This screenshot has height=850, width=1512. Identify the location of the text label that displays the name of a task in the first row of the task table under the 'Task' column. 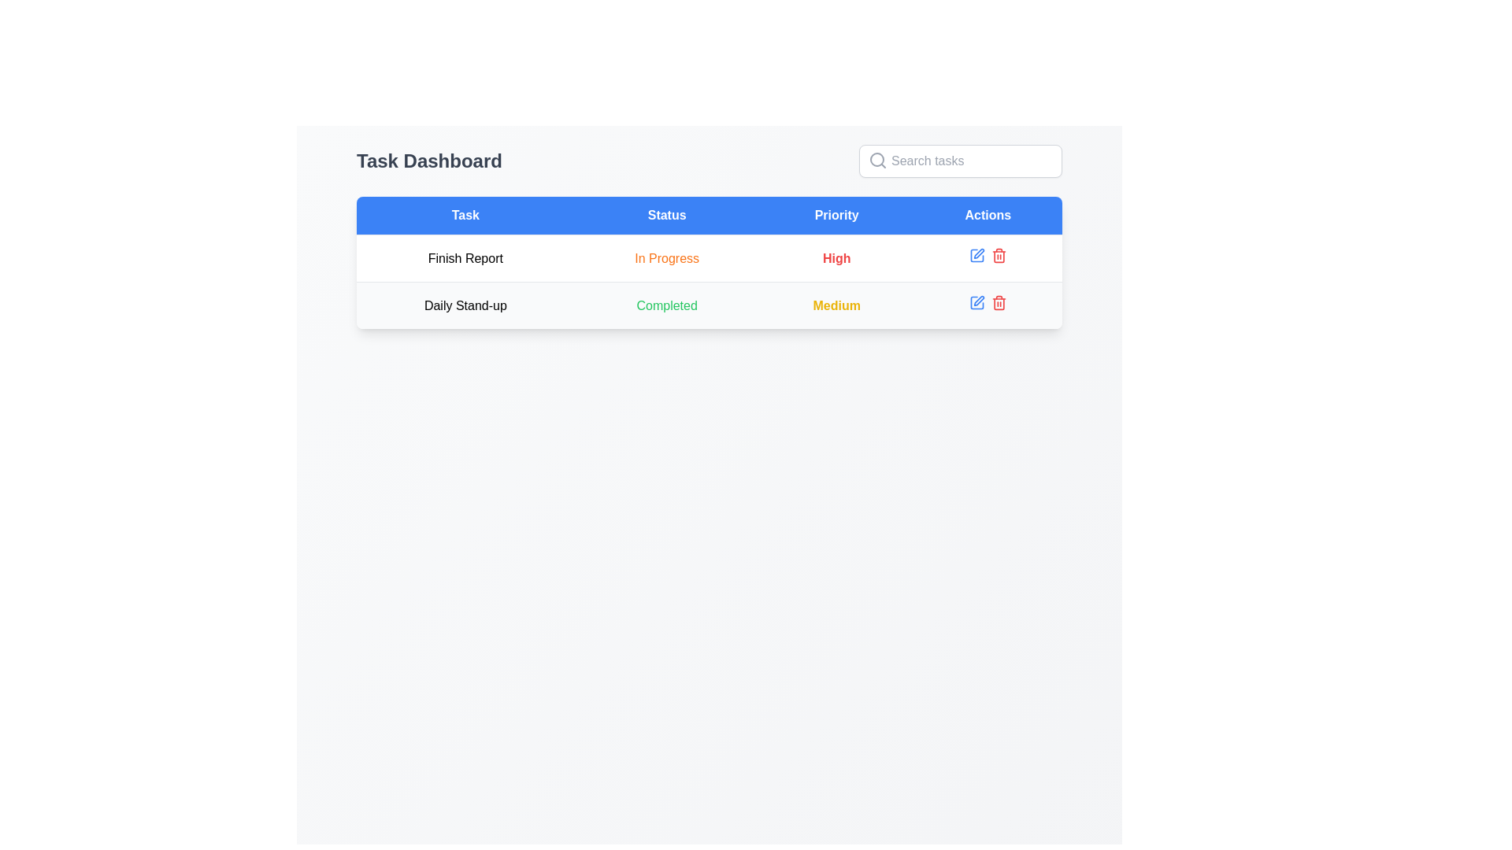
(465, 257).